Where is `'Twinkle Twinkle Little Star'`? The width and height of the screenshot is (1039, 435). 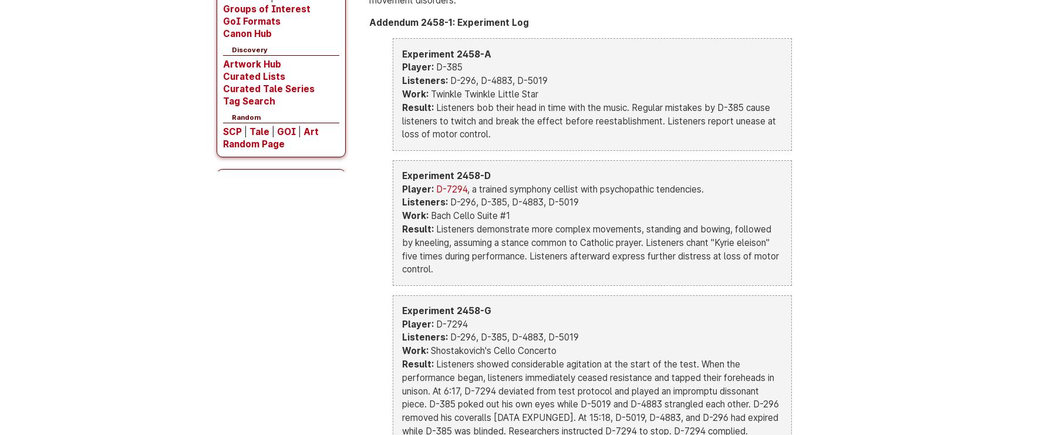
'Twinkle Twinkle Little Star' is located at coordinates (483, 94).